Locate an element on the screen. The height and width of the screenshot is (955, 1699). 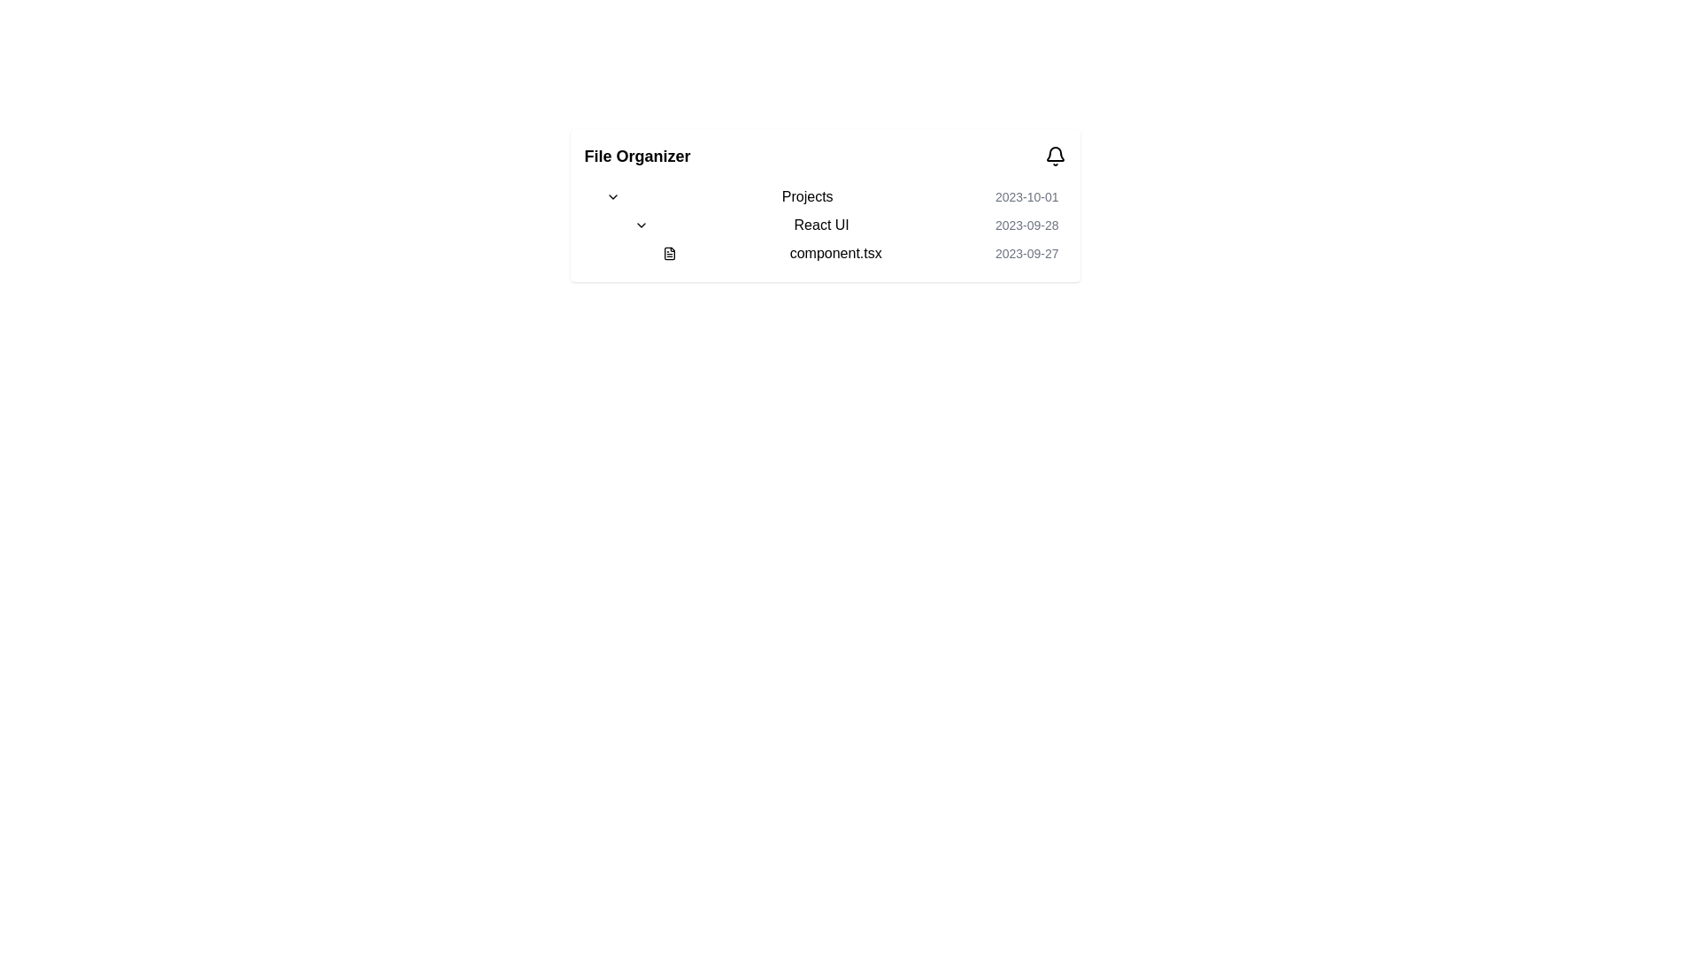
the first item in the 'File Organizer' list that allows navigation is located at coordinates (831, 197).